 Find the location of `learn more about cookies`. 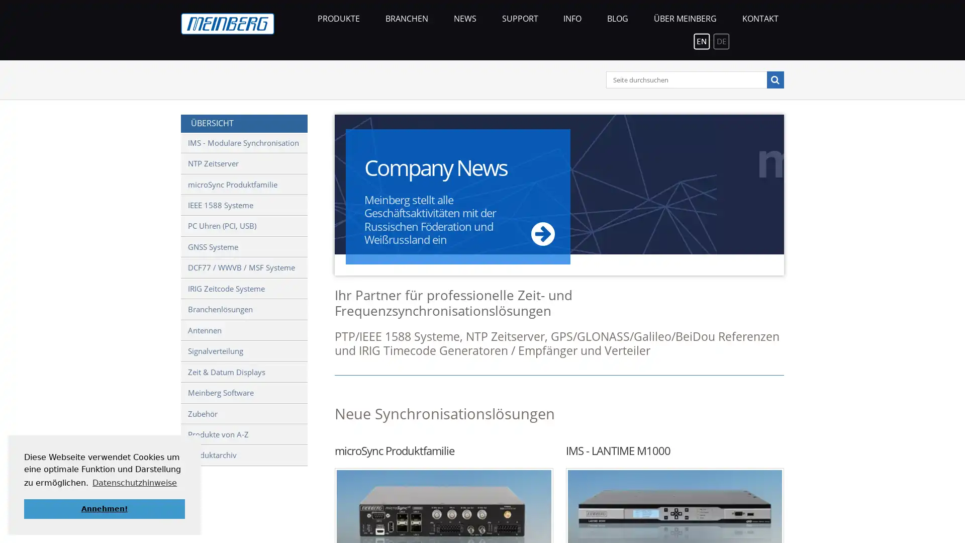

learn more about cookies is located at coordinates (134, 482).